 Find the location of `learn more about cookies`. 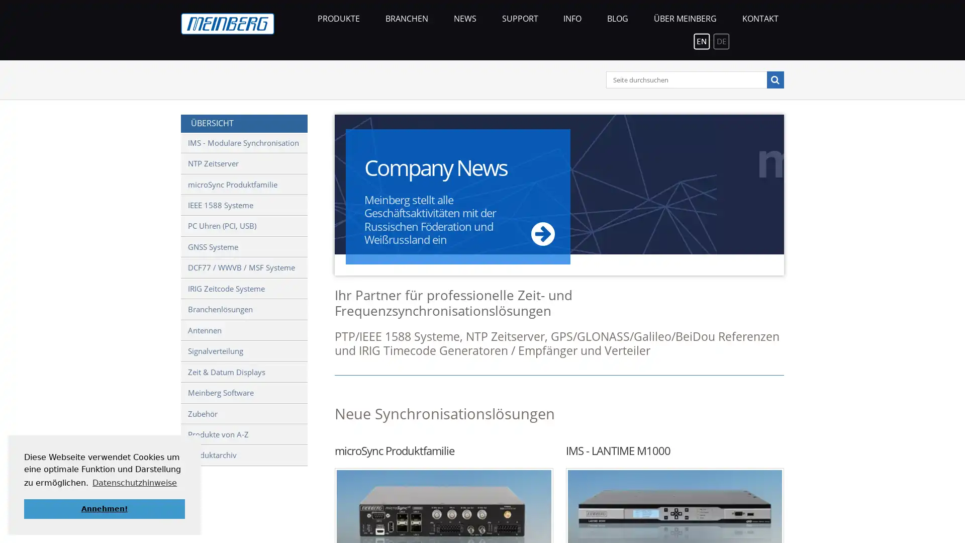

learn more about cookies is located at coordinates (134, 482).